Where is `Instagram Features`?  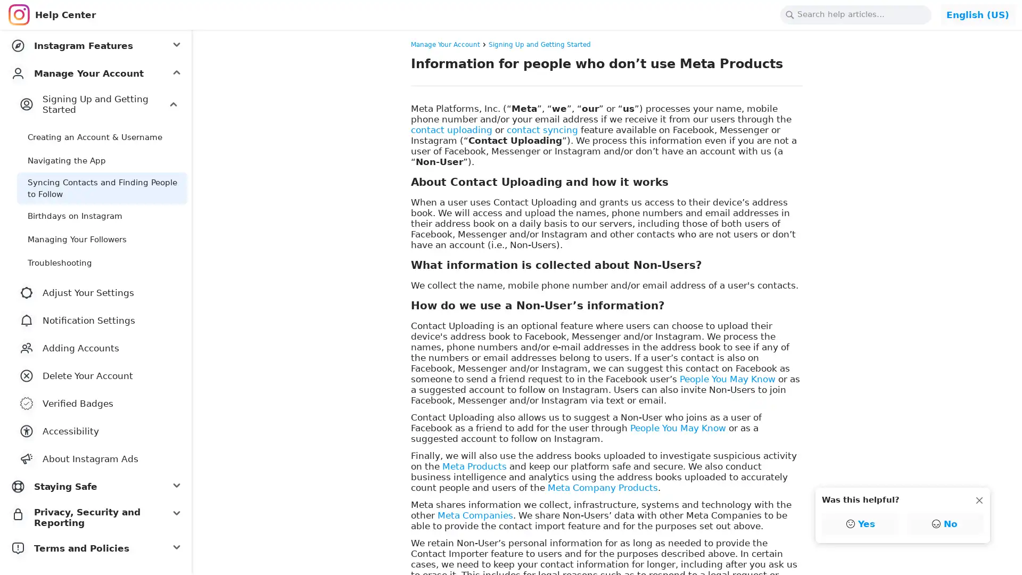
Instagram Features is located at coordinates (96, 45).